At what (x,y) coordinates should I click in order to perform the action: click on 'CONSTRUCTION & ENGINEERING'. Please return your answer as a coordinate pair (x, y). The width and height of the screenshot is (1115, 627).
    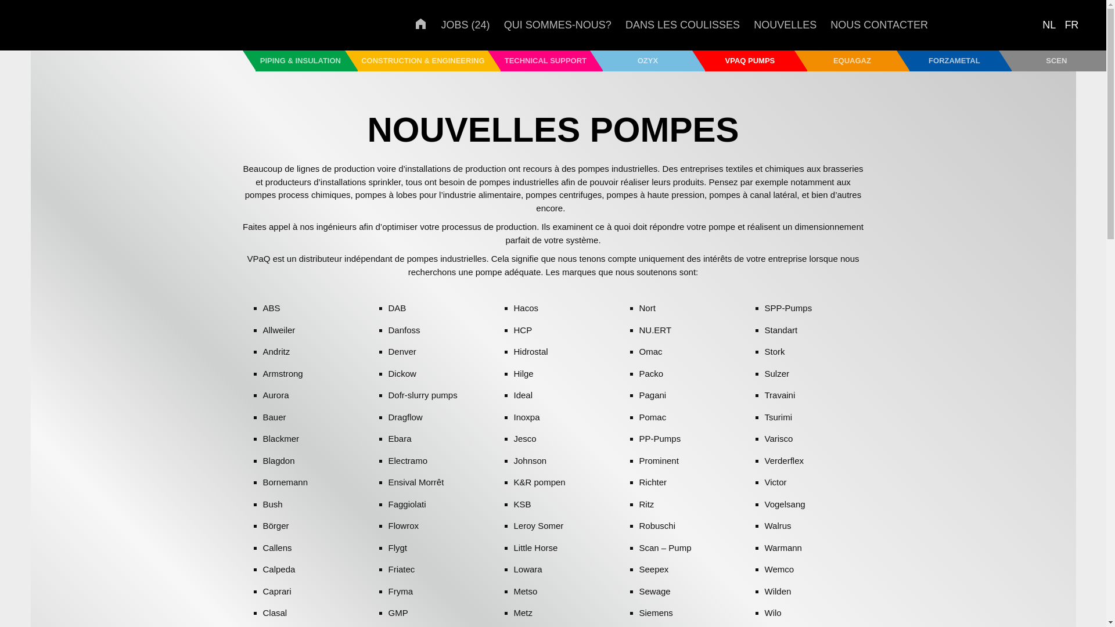
    Looking at the image, I should click on (429, 60).